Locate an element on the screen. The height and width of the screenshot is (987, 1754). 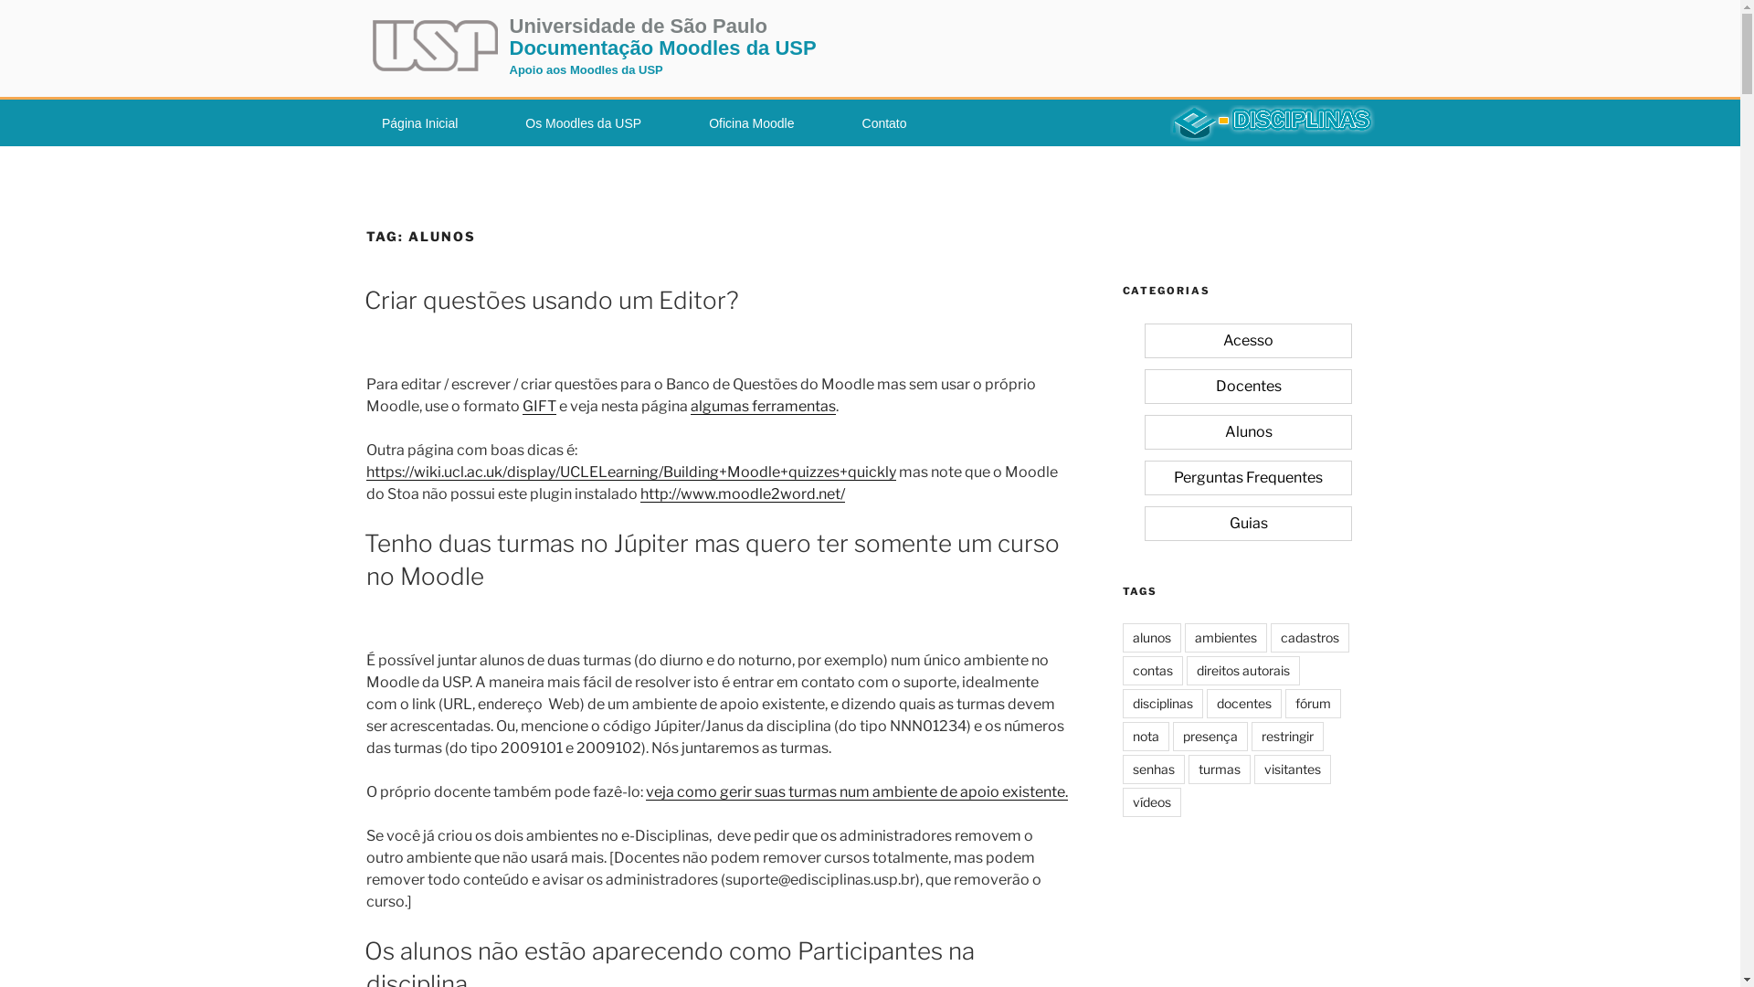
'Guias' is located at coordinates (1247, 523).